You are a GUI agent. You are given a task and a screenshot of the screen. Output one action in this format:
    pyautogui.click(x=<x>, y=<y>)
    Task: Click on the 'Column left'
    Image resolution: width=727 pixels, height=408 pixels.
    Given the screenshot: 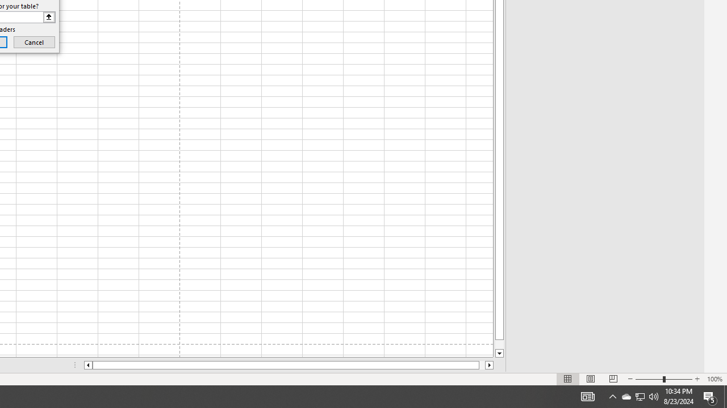 What is the action you would take?
    pyautogui.click(x=87, y=365)
    